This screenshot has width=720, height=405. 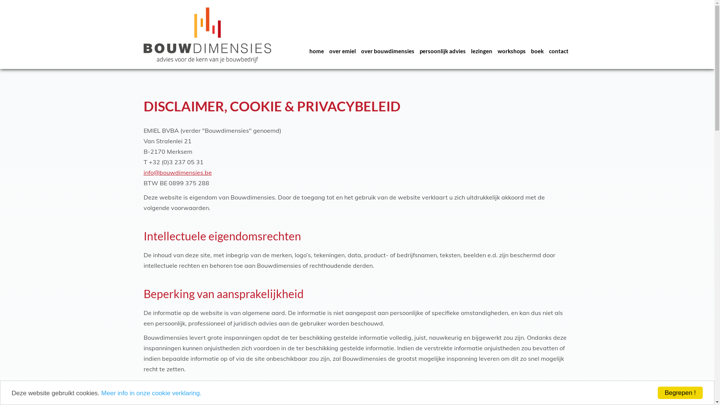 What do you see at coordinates (442, 50) in the screenshot?
I see `'persoonlijk advies'` at bounding box center [442, 50].